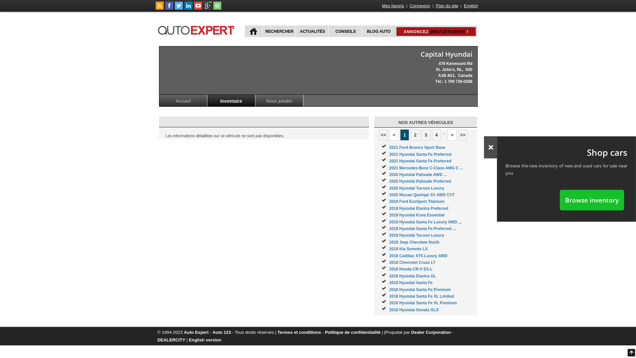 Image resolution: width=636 pixels, height=358 pixels. I want to click on 'DEALERCITY', so click(171, 340).